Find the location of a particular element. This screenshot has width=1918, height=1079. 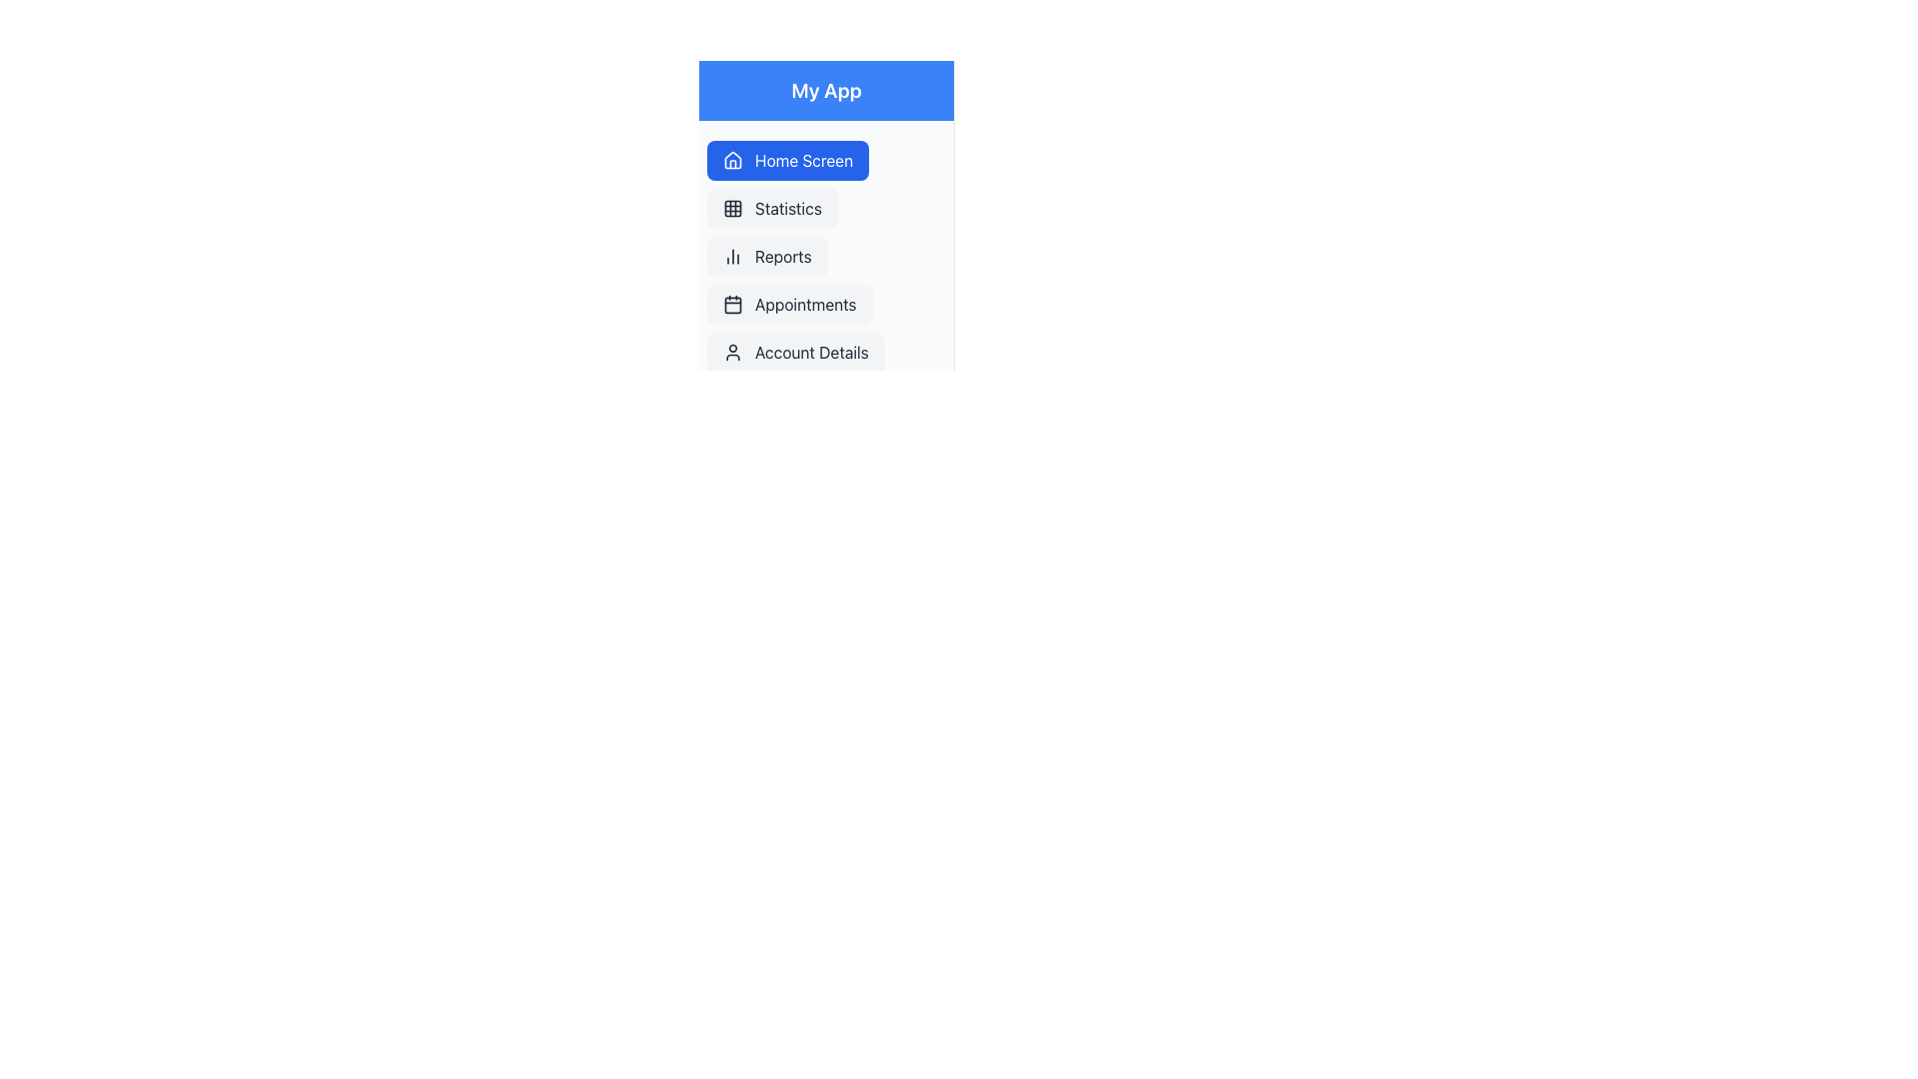

the rectangular button-like component labeled 'My App' with a blue background and white text, which is positioned at the top of a vertical menu layout is located at coordinates (826, 91).